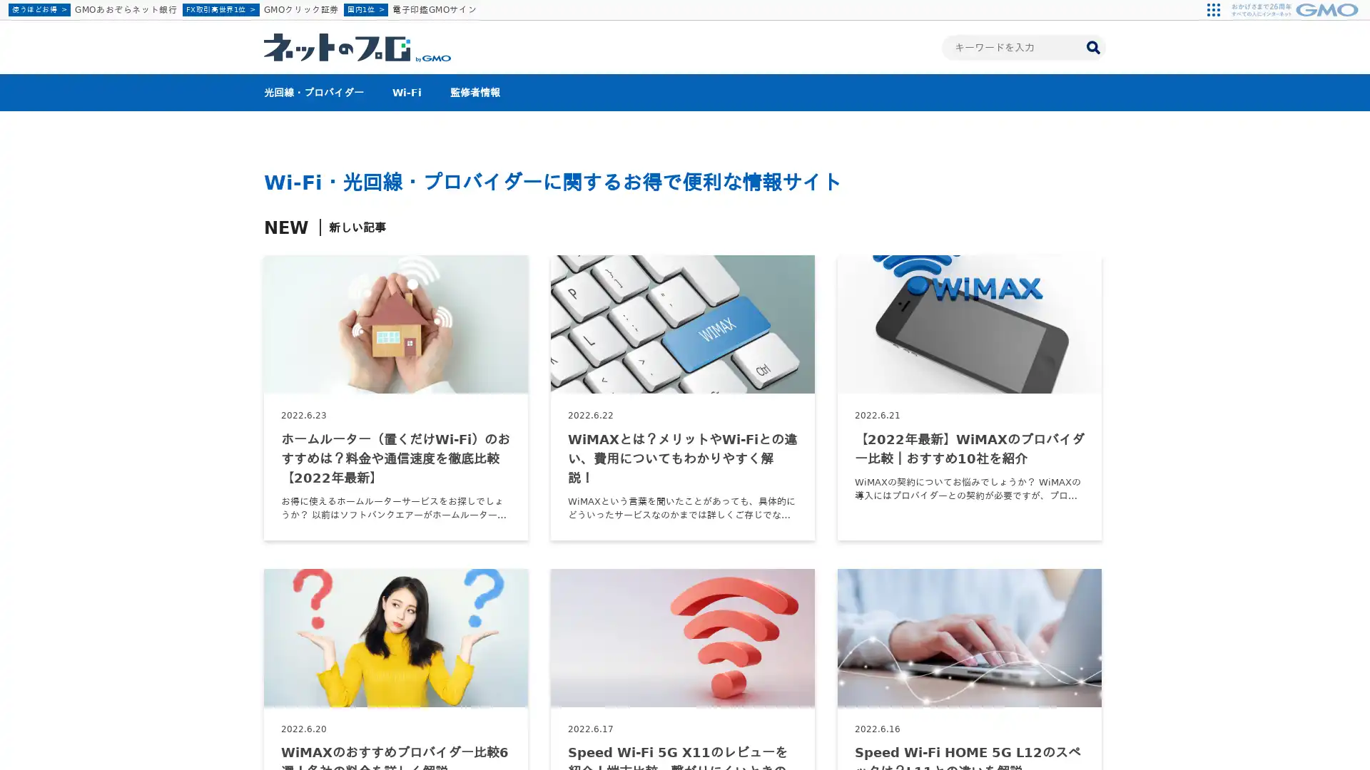  Describe the element at coordinates (1092, 46) in the screenshot. I see `search` at that location.